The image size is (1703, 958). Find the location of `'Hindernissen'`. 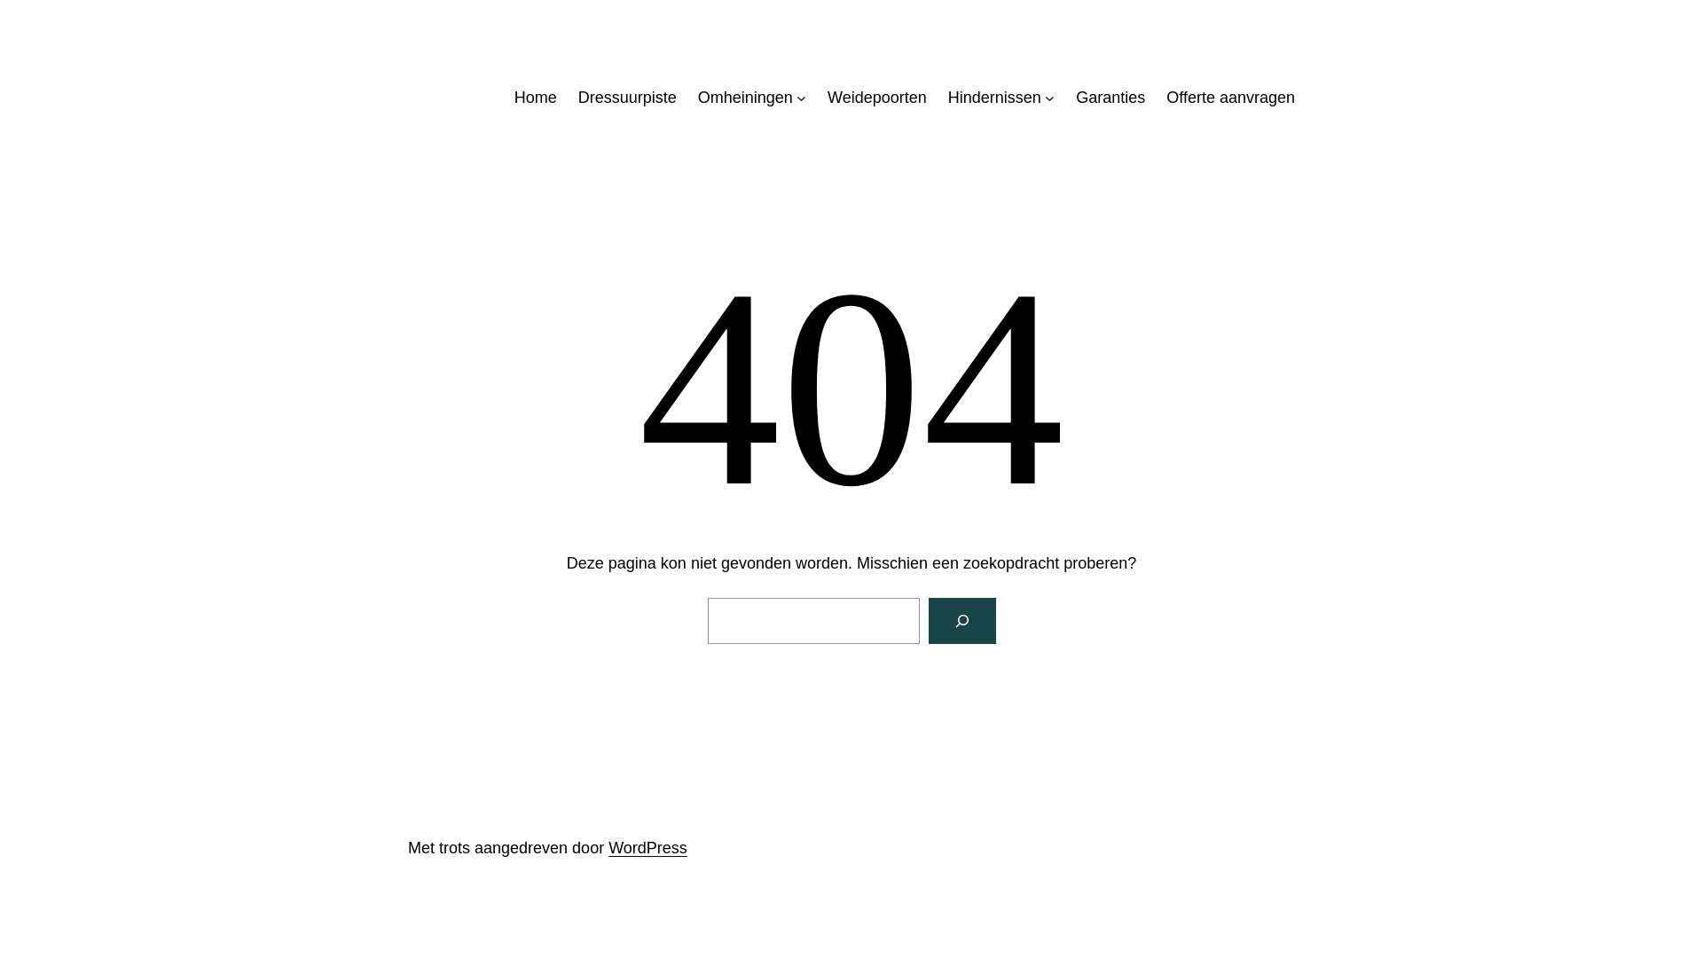

'Hindernissen' is located at coordinates (994, 98).